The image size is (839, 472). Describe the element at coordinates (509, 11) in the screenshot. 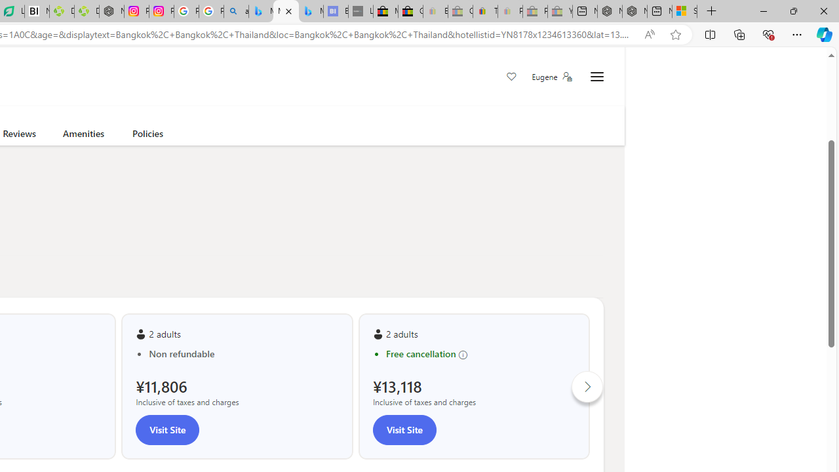

I see `'Payments Terms of Use | eBay.com - Sleeping'` at that location.